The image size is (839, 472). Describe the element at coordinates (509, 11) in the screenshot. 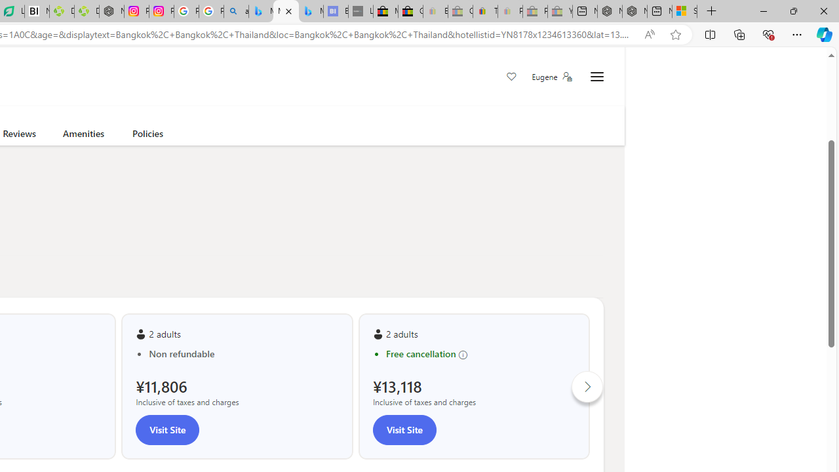

I see `'Payments Terms of Use | eBay.com - Sleeping'` at that location.